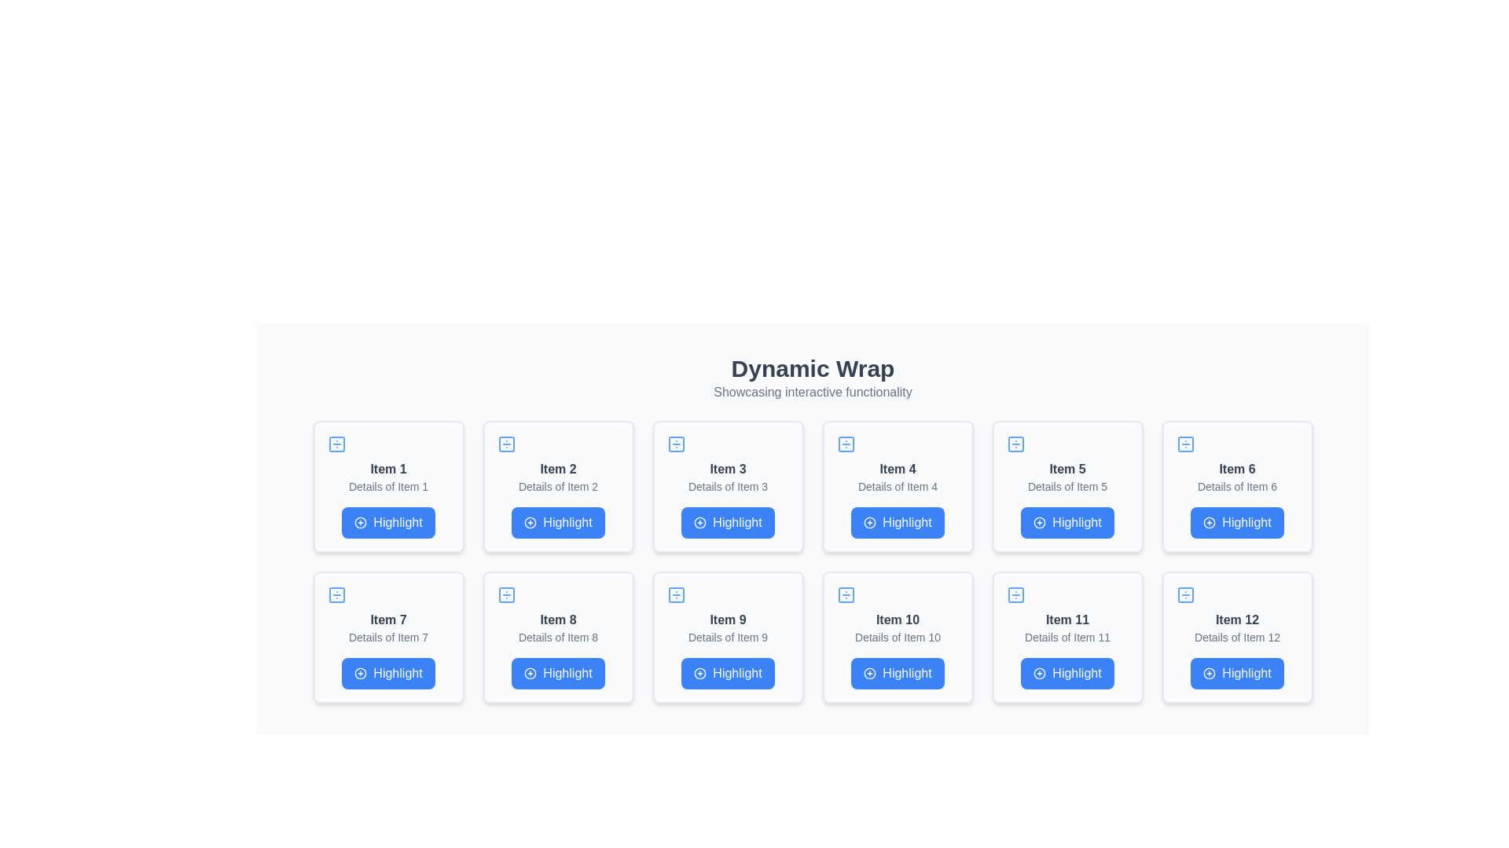  Describe the element at coordinates (845, 595) in the screenshot. I see `the square icon with a blue outline and a centered divide symbol located in the 'Item 10' card, positioned in the second row and fourth column of the grid layout` at that location.